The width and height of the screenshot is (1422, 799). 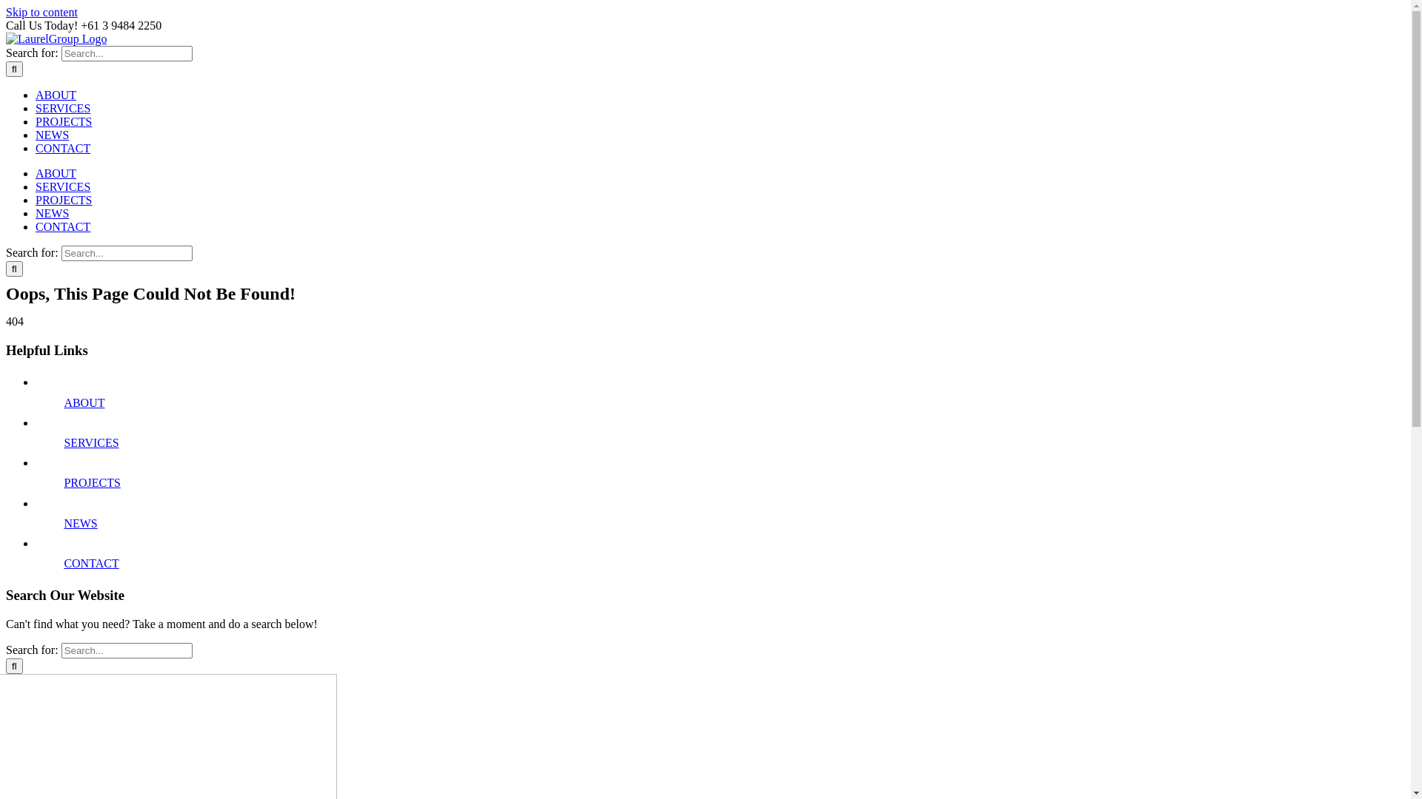 What do you see at coordinates (62, 226) in the screenshot?
I see `'CONTACT'` at bounding box center [62, 226].